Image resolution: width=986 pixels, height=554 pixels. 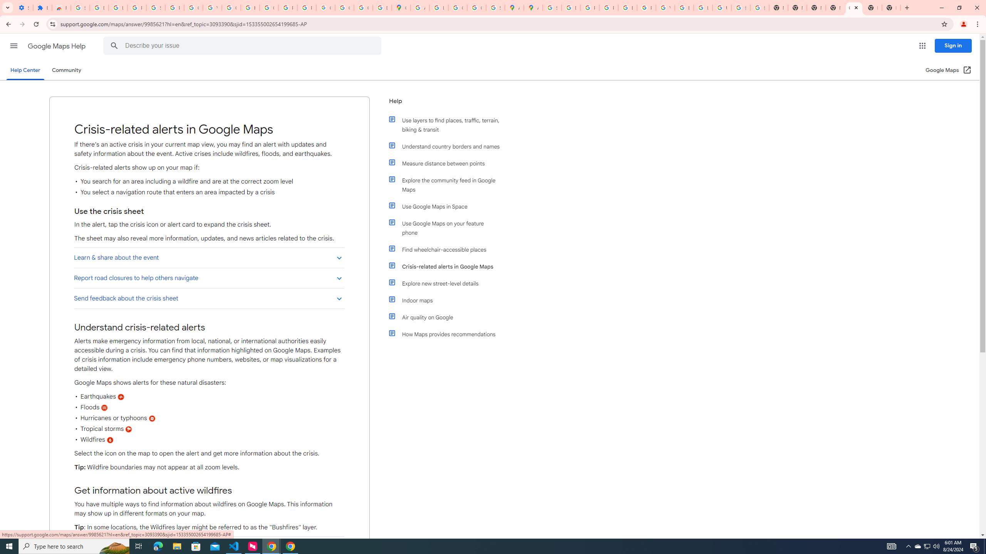 What do you see at coordinates (853, 7) in the screenshot?
I see `'Crisis-related alerts in Google Maps - Google Maps Help'` at bounding box center [853, 7].